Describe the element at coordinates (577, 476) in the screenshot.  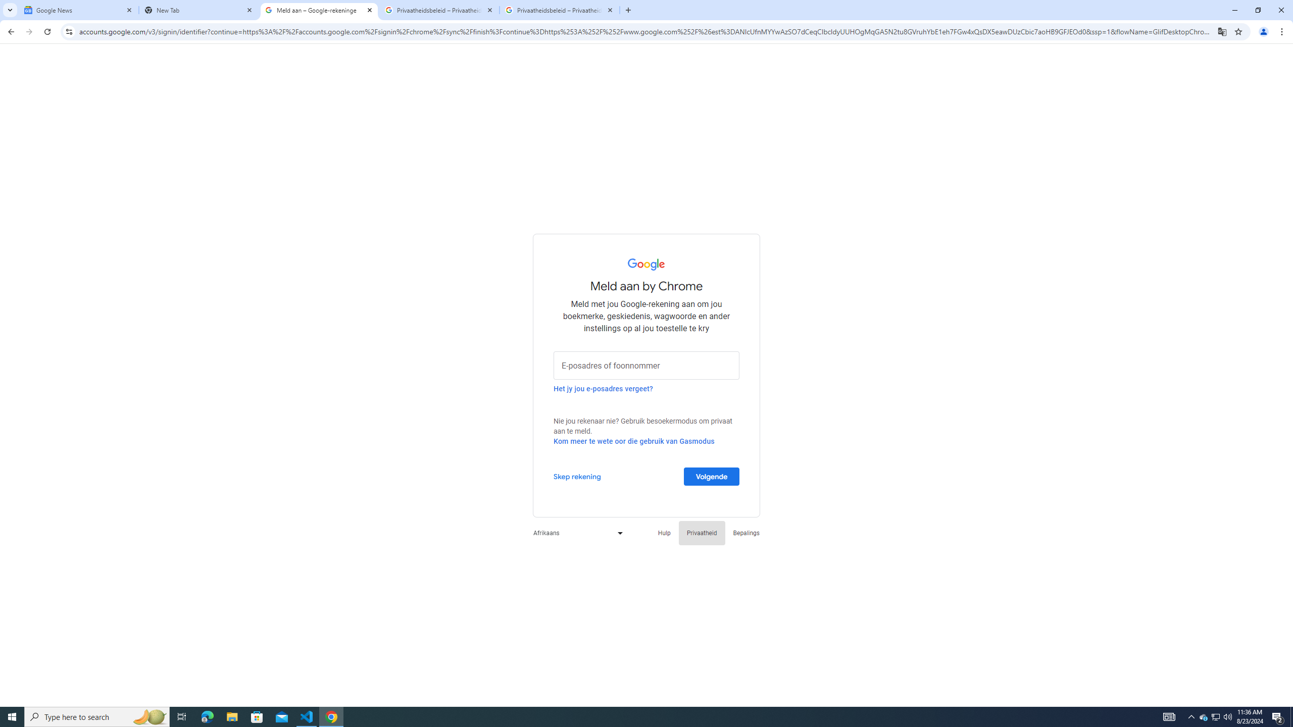
I see `'Skep rekening'` at that location.